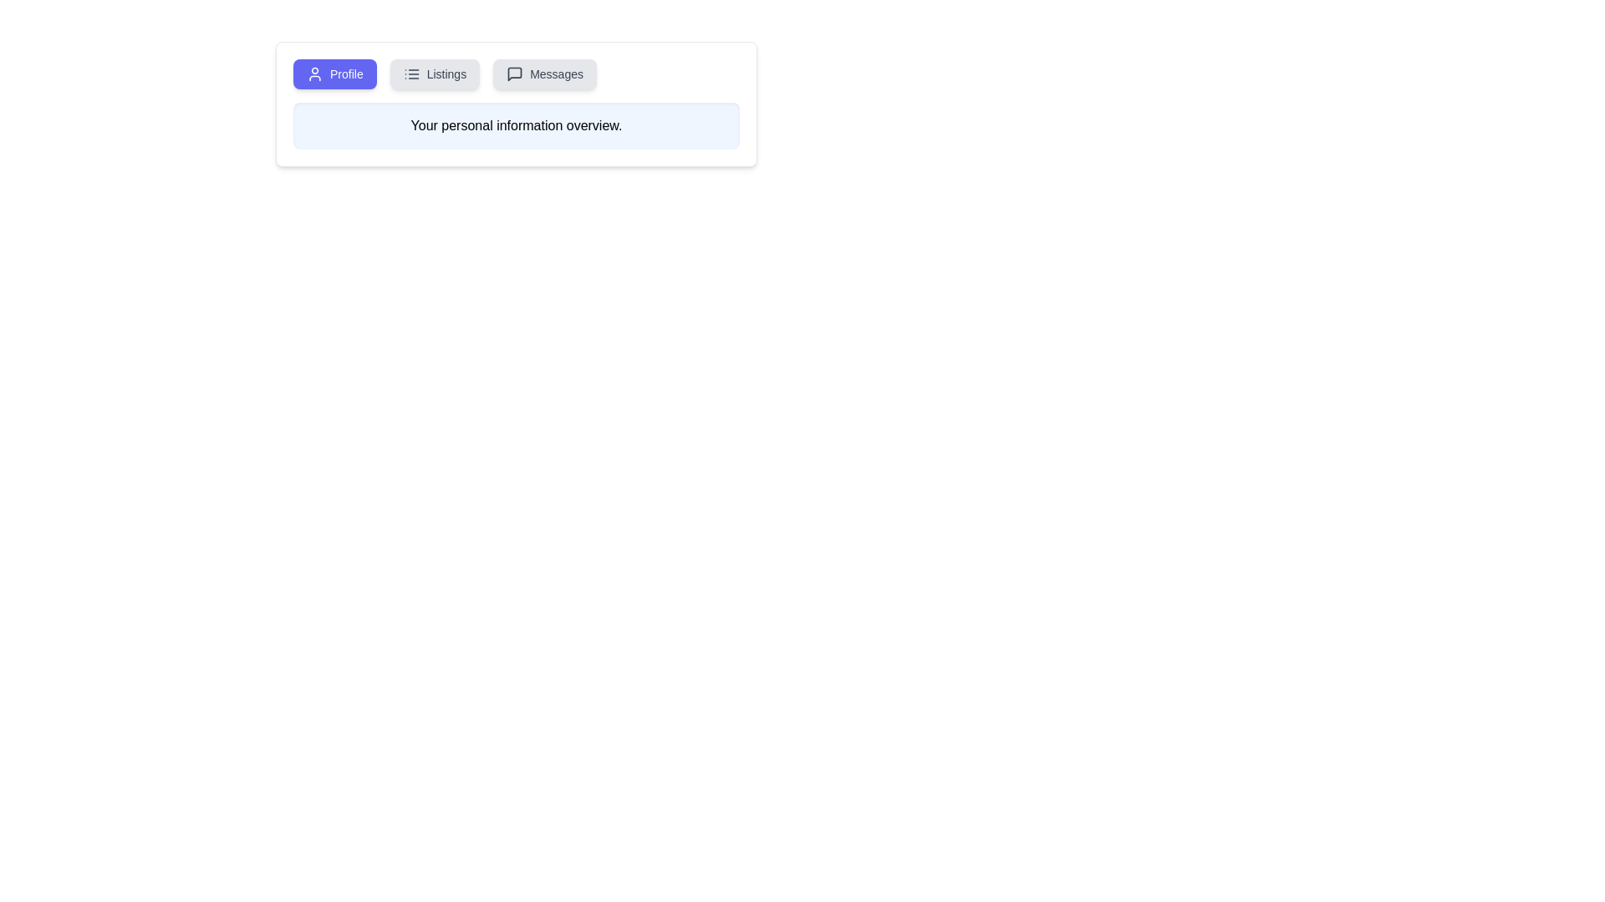 This screenshot has width=1605, height=902. I want to click on the Messages tab by clicking on it, so click(545, 73).